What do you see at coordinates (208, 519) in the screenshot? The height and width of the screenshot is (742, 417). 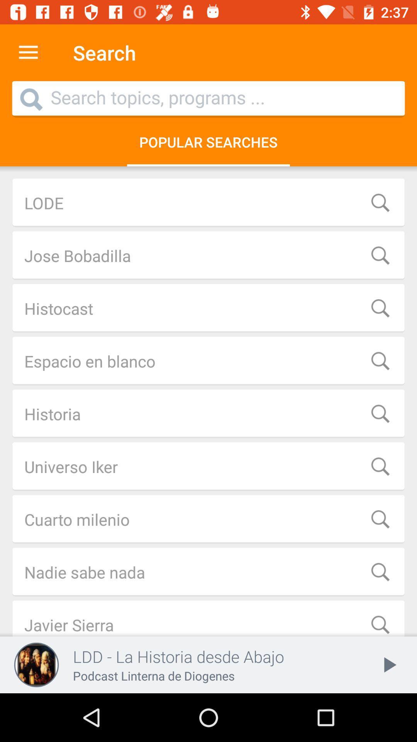 I see `item above the nadie sabe nada item` at bounding box center [208, 519].